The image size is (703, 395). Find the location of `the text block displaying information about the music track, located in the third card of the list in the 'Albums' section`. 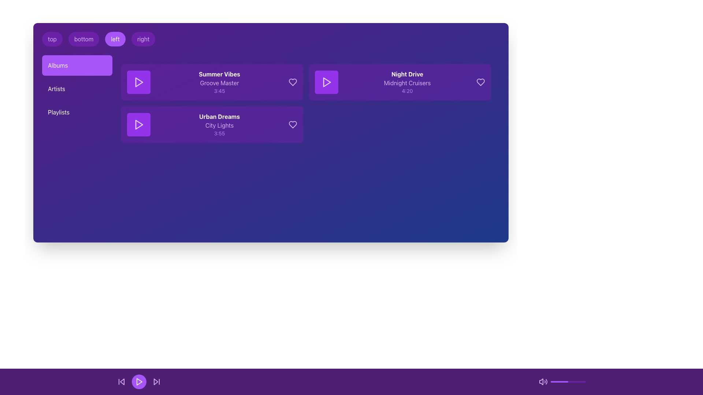

the text block displaying information about the music track, located in the third card of the list in the 'Albums' section is located at coordinates (407, 82).